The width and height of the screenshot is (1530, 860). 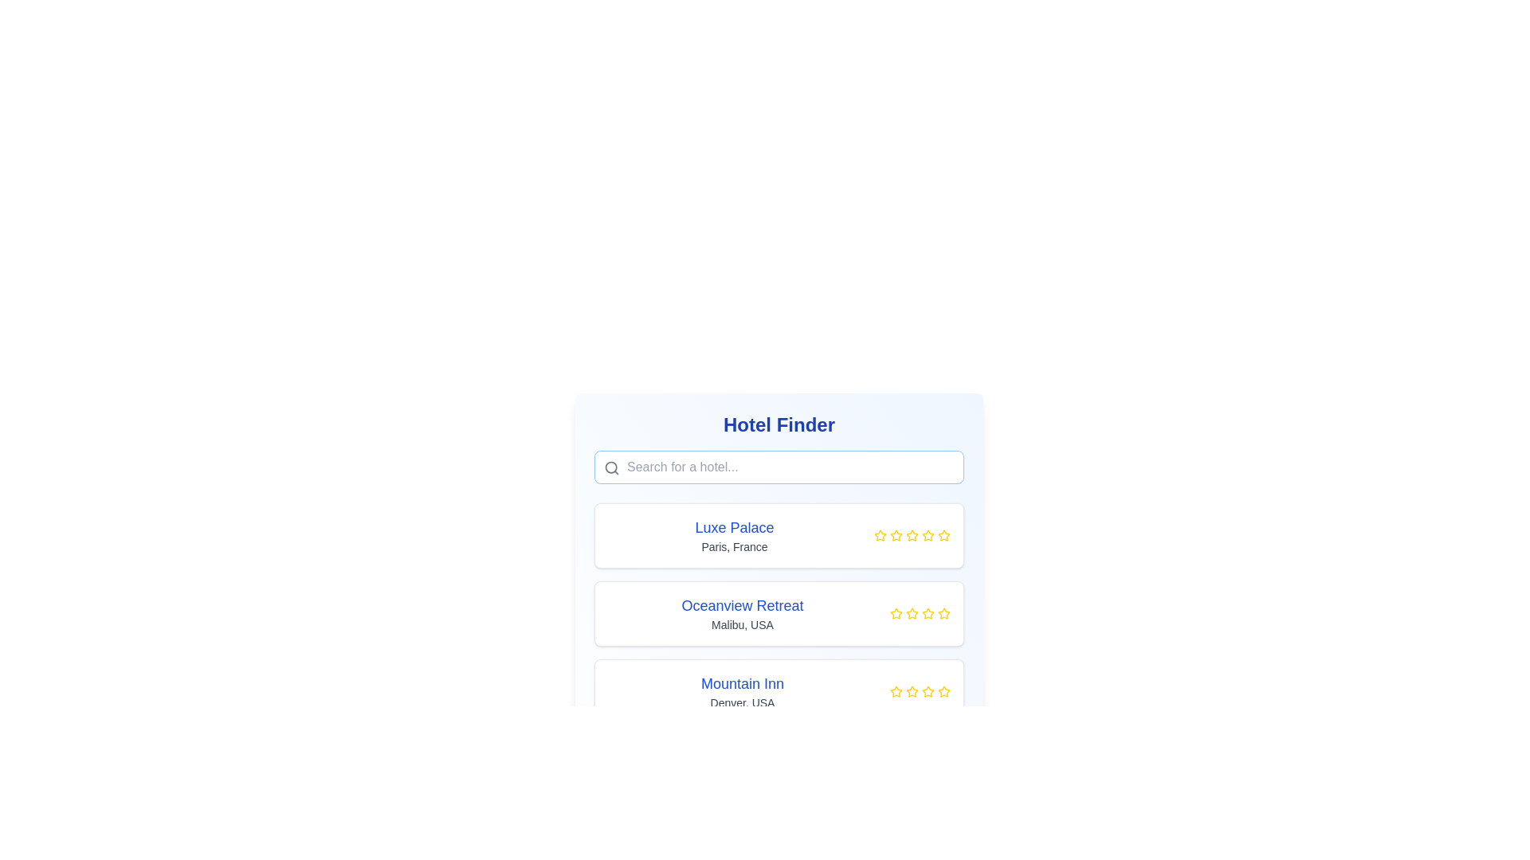 What do you see at coordinates (896, 690) in the screenshot?
I see `the first star icon in the five-star rating system for the 'Mountain Inn' hotel entry` at bounding box center [896, 690].